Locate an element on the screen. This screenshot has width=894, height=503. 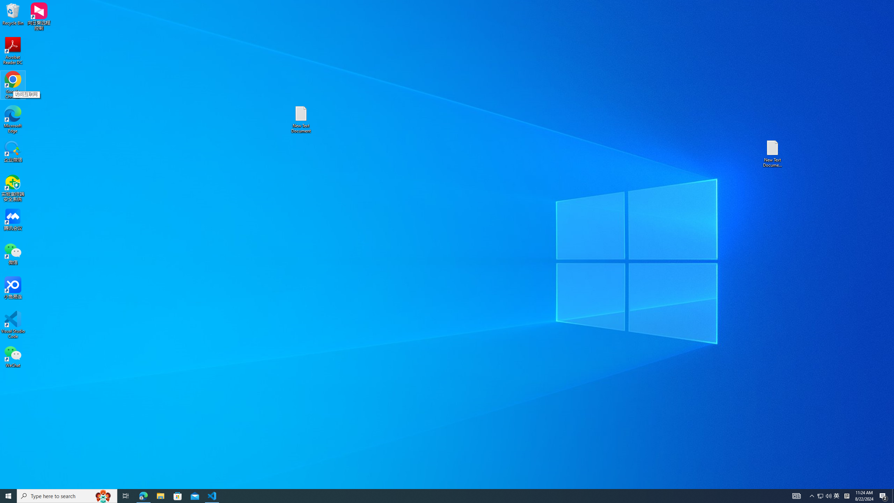
'Google Chrome' is located at coordinates (13, 85).